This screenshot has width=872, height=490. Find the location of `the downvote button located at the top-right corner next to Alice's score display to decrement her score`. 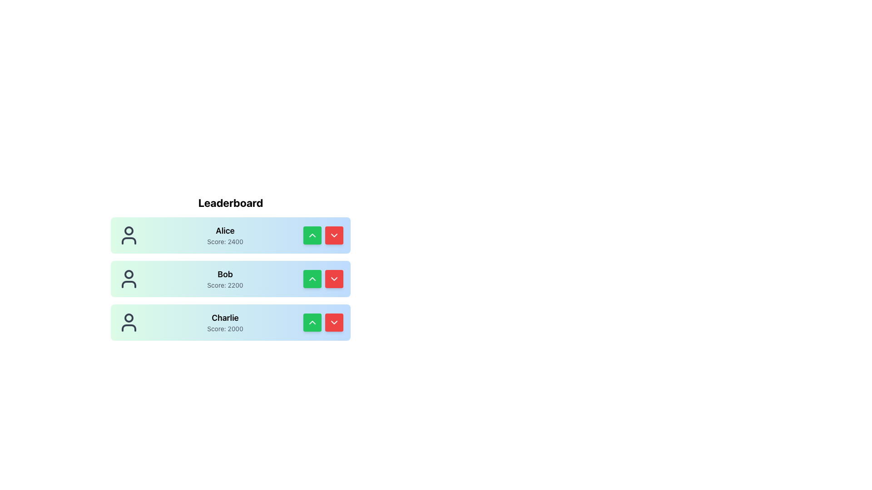

the downvote button located at the top-right corner next to Alice's score display to decrement her score is located at coordinates (333, 235).